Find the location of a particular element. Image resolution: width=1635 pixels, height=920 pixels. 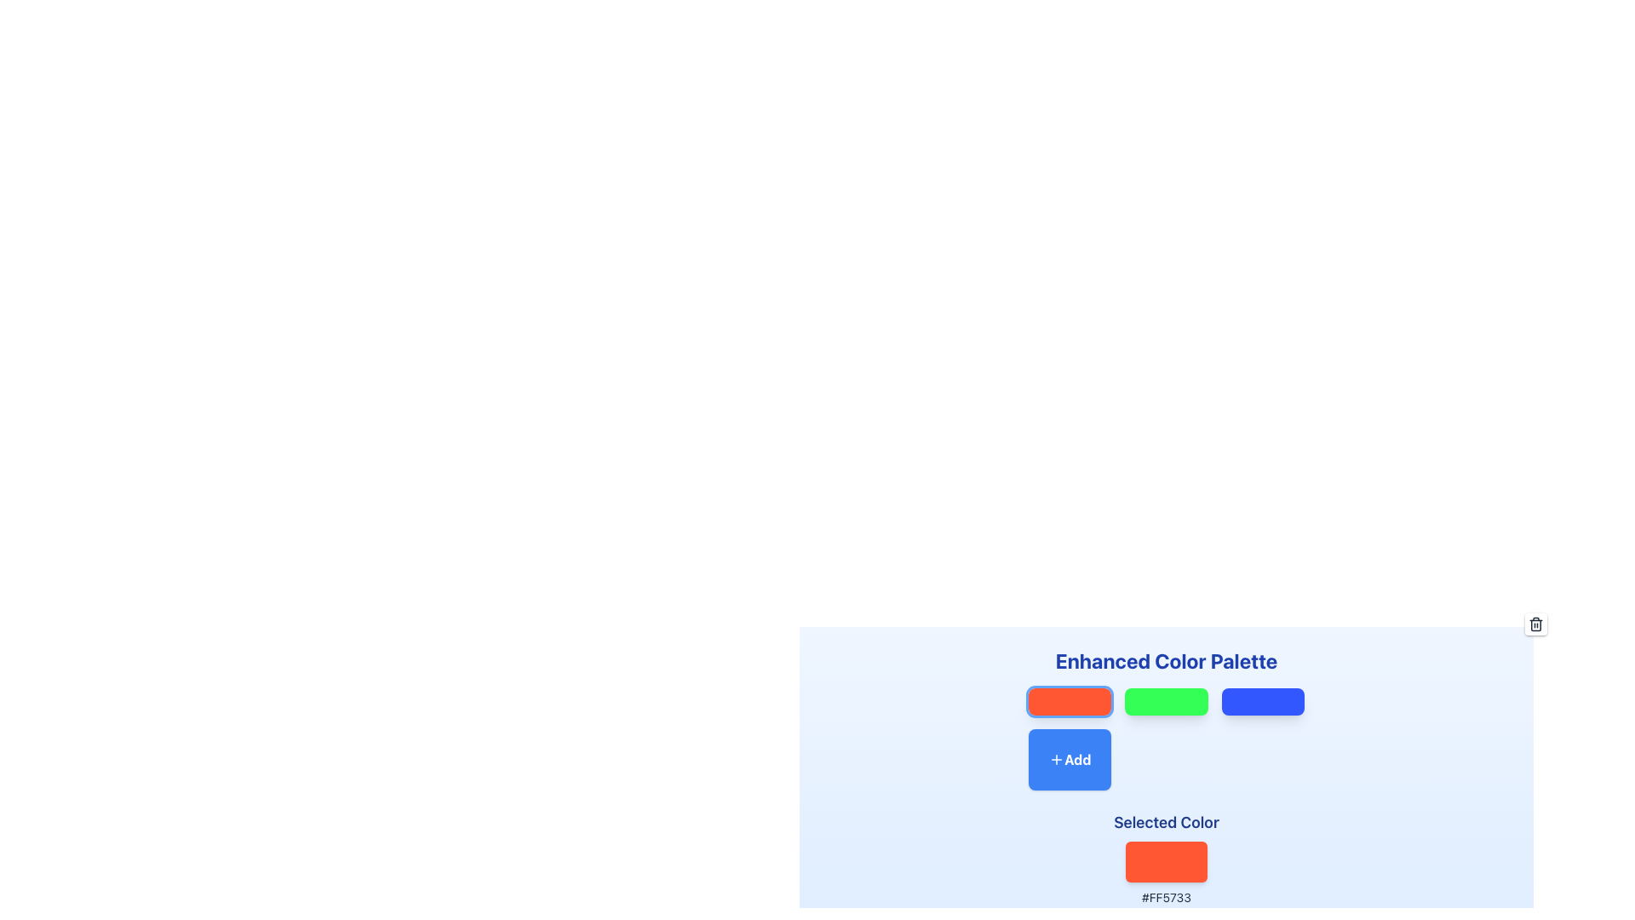

the '+ Add' button with a blue background and white bold text is located at coordinates (1069, 758).